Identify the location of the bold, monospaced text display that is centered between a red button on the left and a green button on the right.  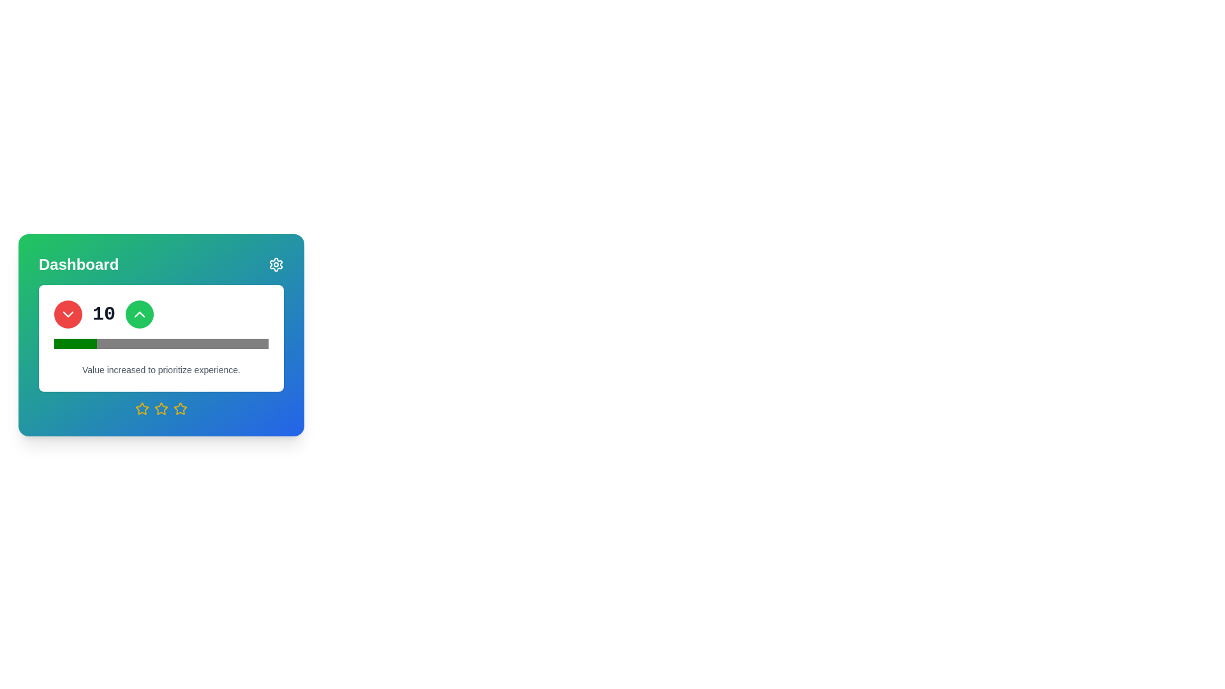
(104, 315).